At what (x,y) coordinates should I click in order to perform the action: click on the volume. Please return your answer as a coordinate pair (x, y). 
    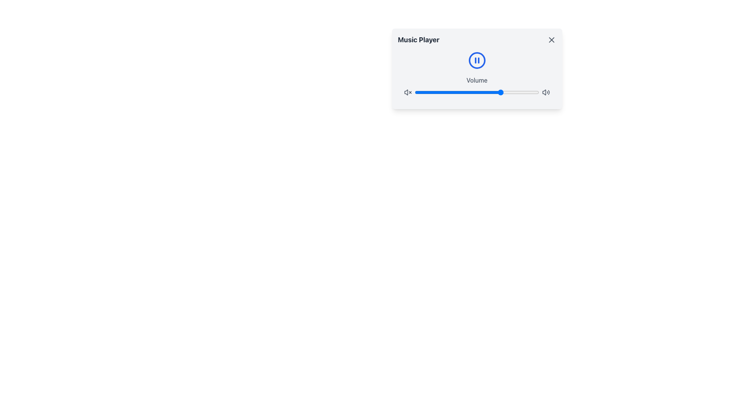
    Looking at the image, I should click on (479, 92).